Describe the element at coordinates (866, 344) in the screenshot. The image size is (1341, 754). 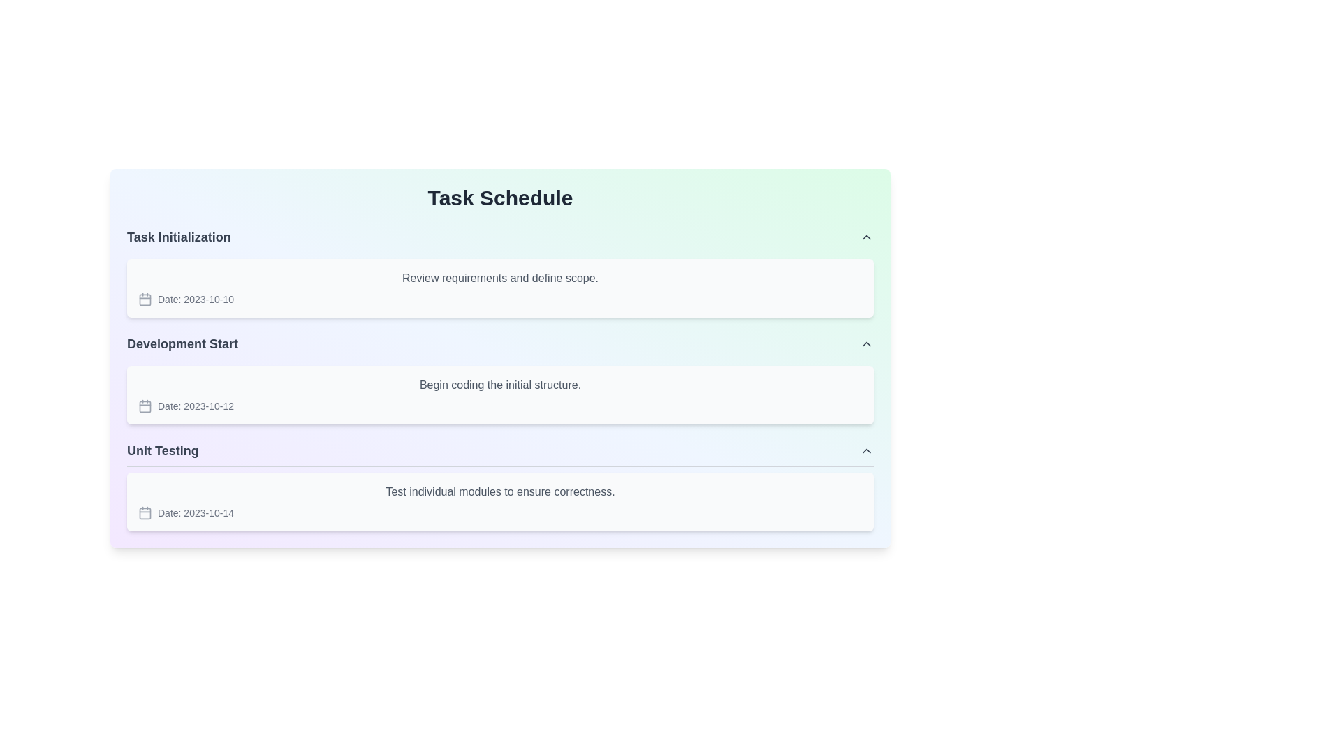
I see `the upward-pointing chevron icon` at that location.